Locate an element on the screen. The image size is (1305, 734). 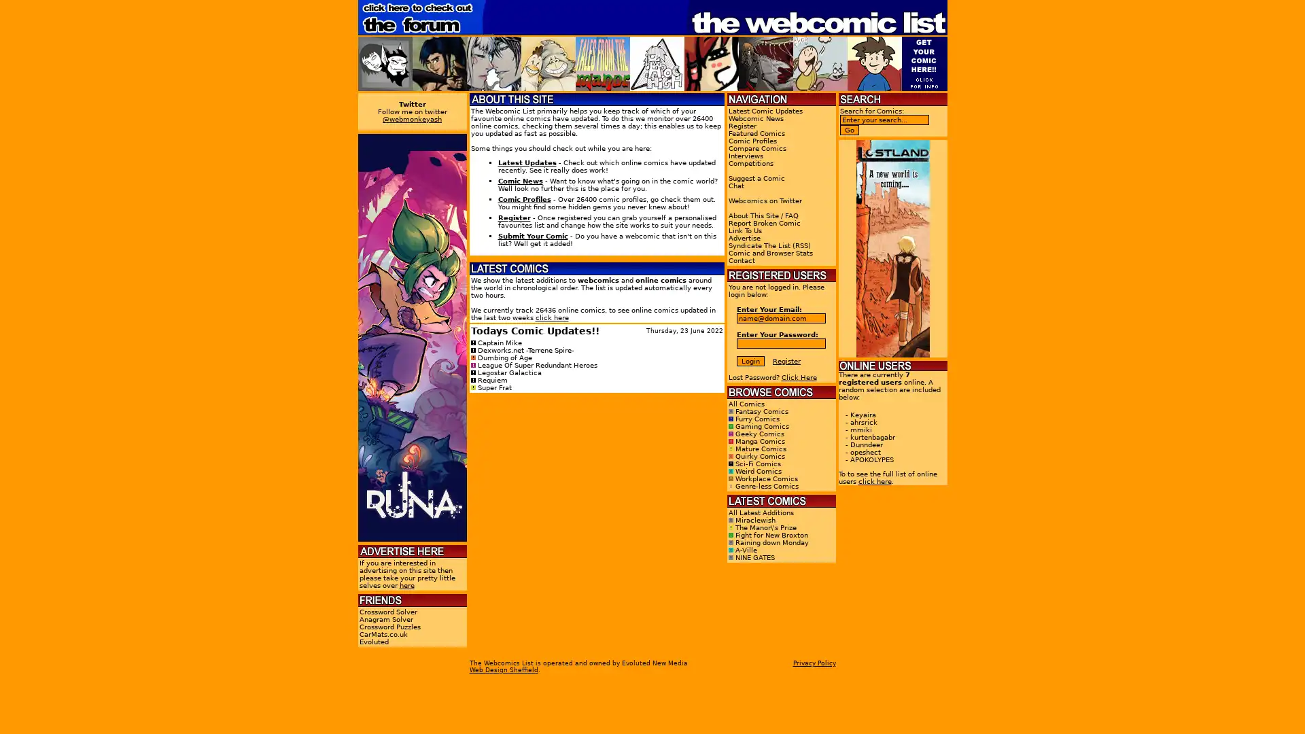
Go is located at coordinates (848, 130).